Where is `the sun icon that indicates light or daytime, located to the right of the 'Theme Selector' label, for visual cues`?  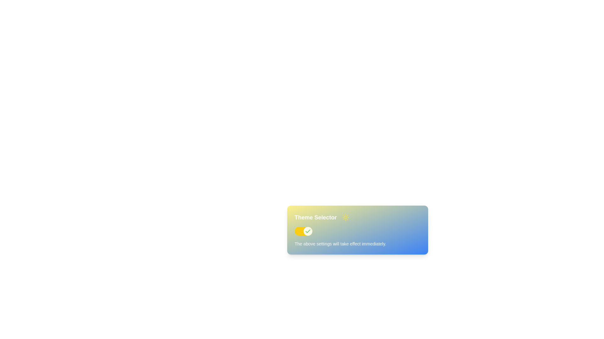 the sun icon that indicates light or daytime, located to the right of the 'Theme Selector' label, for visual cues is located at coordinates (345, 217).